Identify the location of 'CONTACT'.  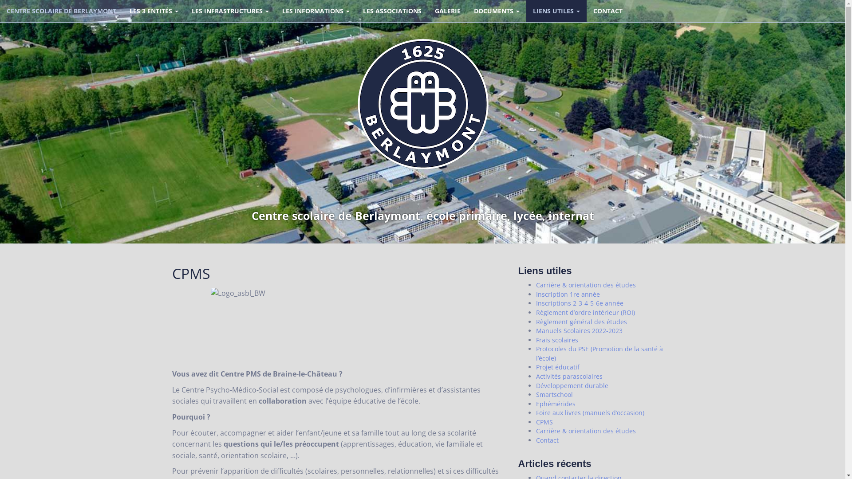
(586, 11).